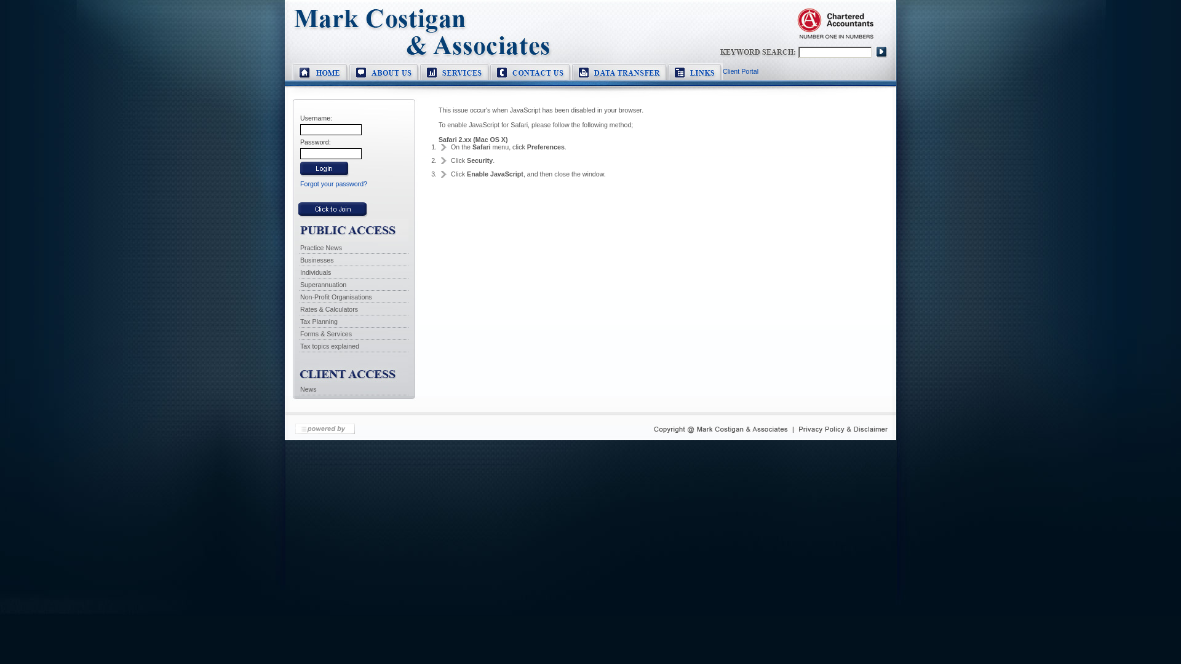  I want to click on 'Data Transfer', so click(620, 77).